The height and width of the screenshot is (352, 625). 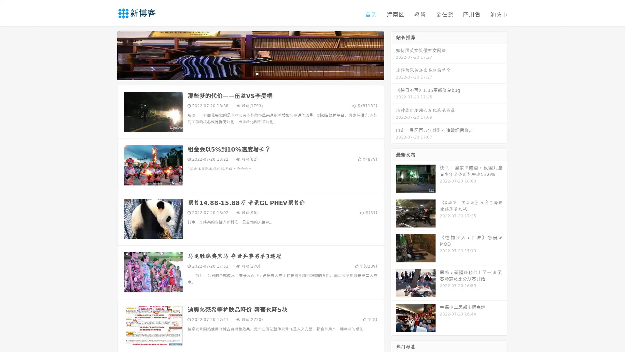 What do you see at coordinates (257, 73) in the screenshot?
I see `Go to slide 3` at bounding box center [257, 73].